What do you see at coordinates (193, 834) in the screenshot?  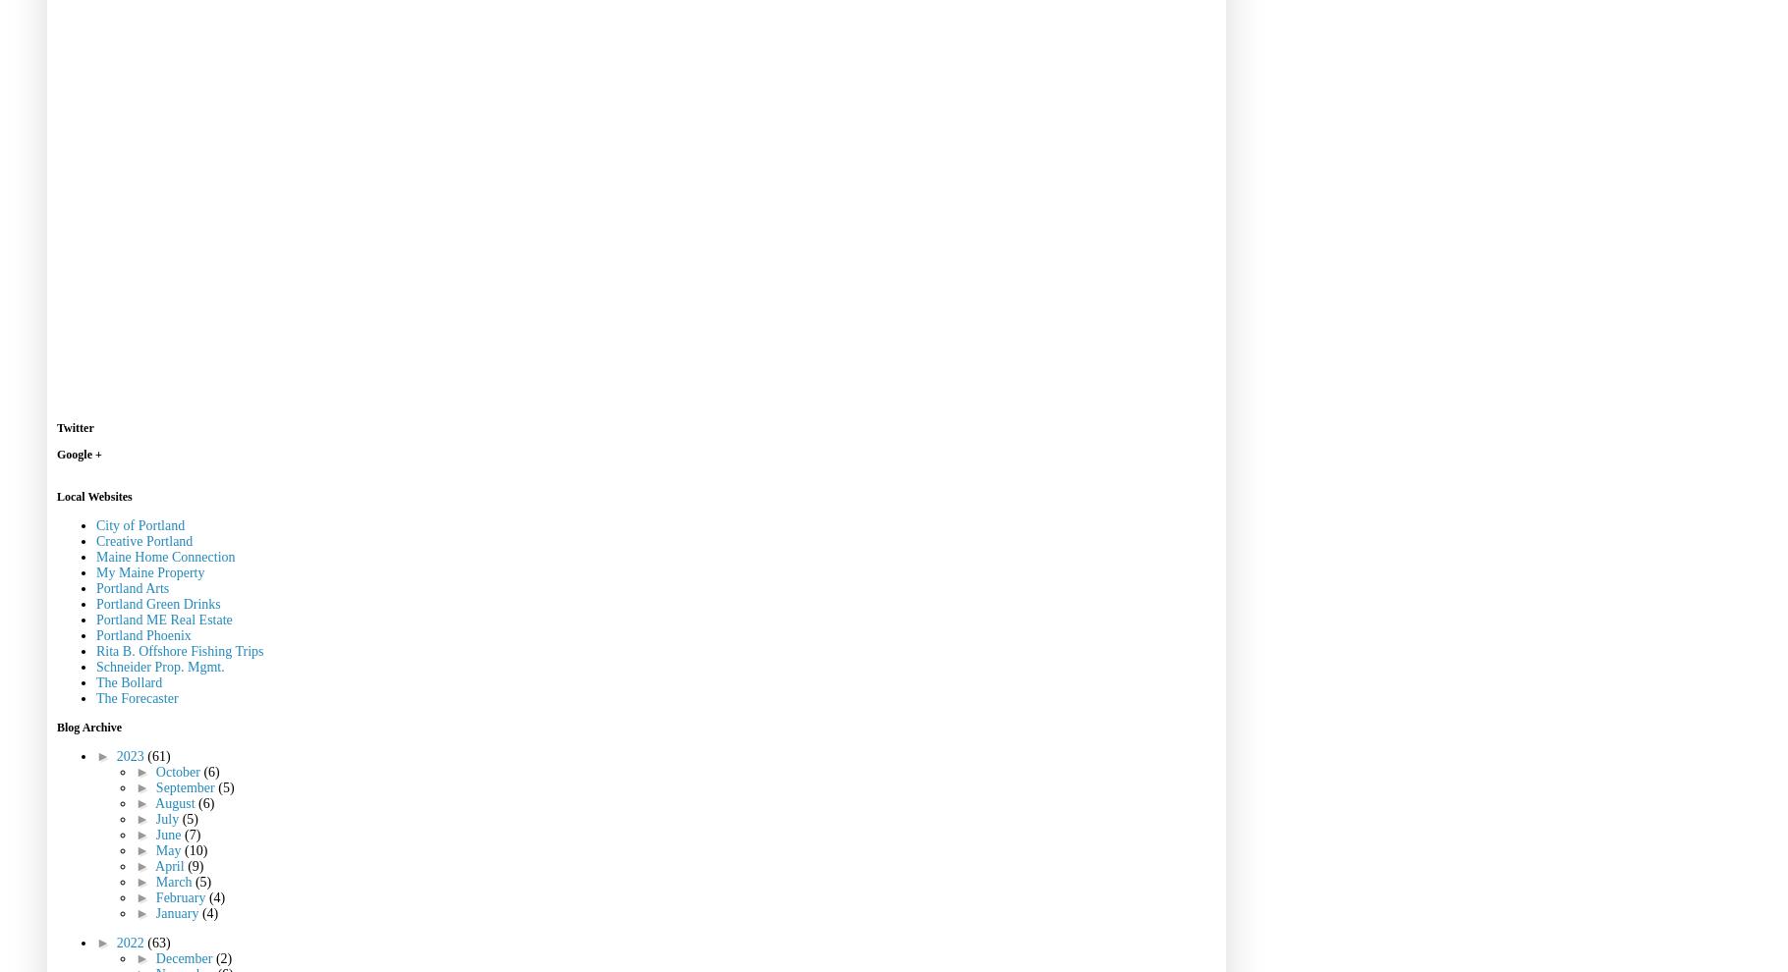 I see `'(7)'` at bounding box center [193, 834].